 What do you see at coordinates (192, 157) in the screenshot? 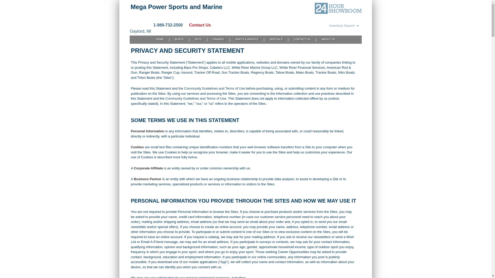
I see `'below'` at bounding box center [192, 157].